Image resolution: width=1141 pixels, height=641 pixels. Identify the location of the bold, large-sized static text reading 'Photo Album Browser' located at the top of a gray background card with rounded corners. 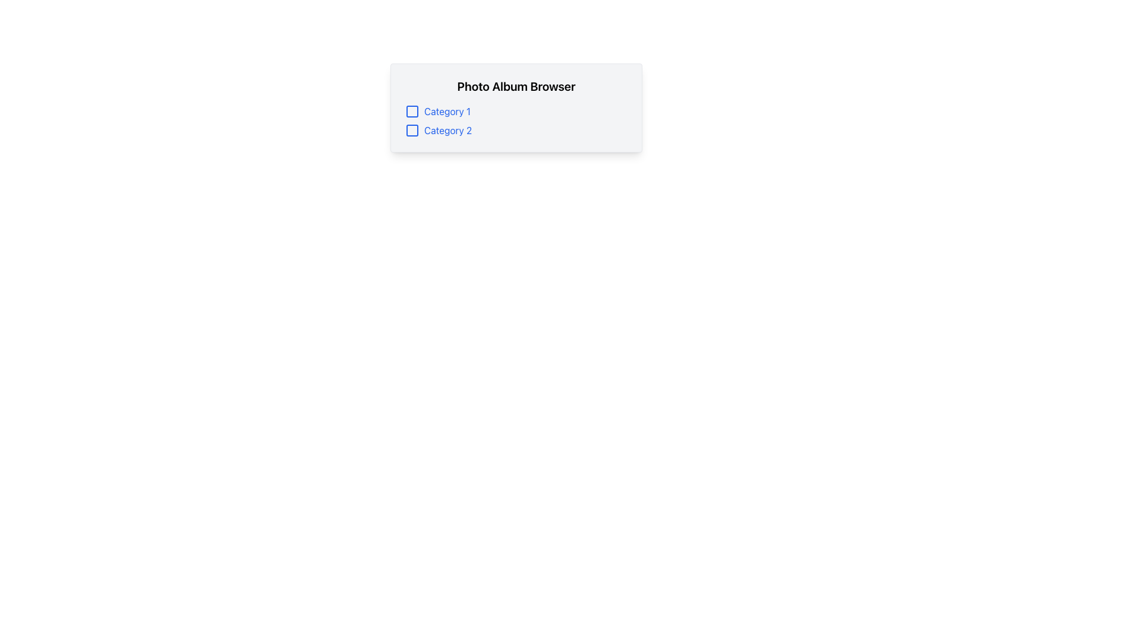
(516, 86).